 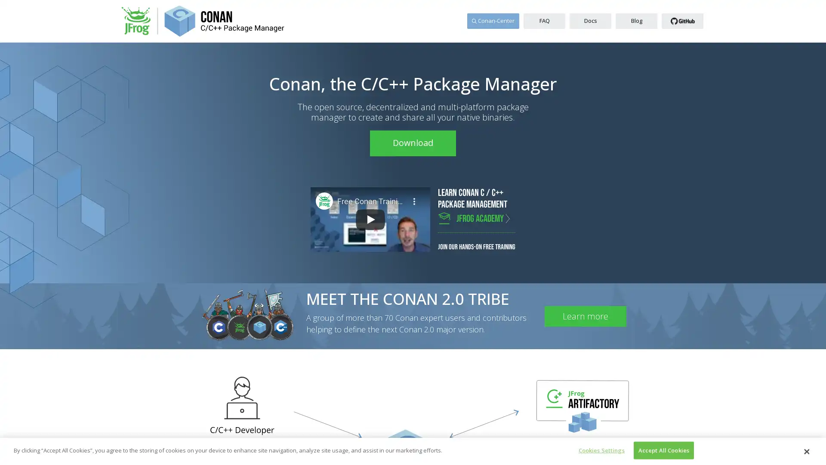 What do you see at coordinates (806, 451) in the screenshot?
I see `Close` at bounding box center [806, 451].